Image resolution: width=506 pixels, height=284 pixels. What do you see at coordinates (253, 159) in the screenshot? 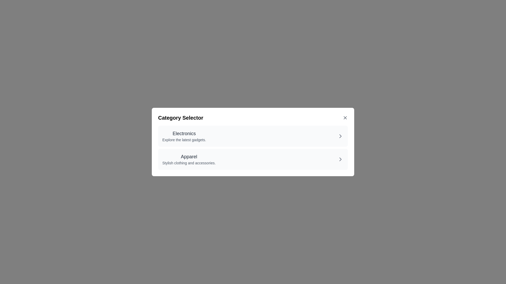
I see `the 'Apparel' card item` at bounding box center [253, 159].